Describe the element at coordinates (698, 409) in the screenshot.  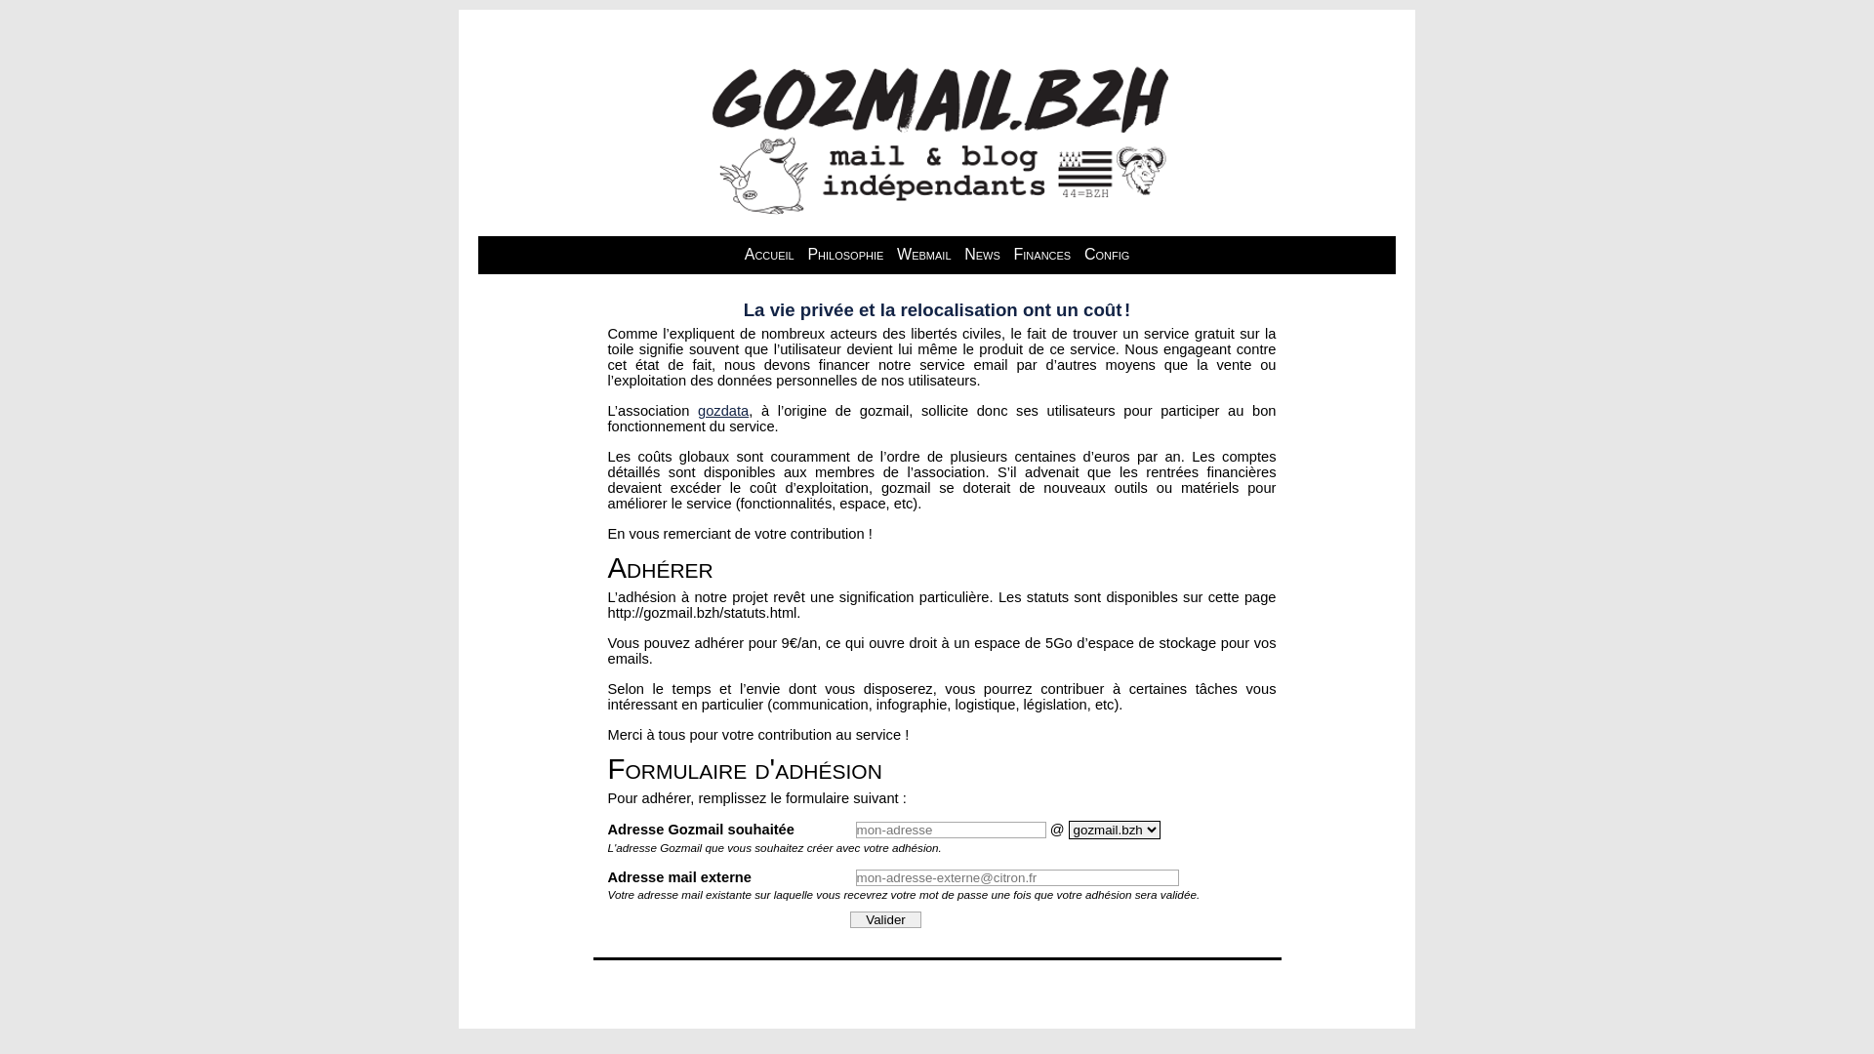
I see `'gozdata'` at that location.